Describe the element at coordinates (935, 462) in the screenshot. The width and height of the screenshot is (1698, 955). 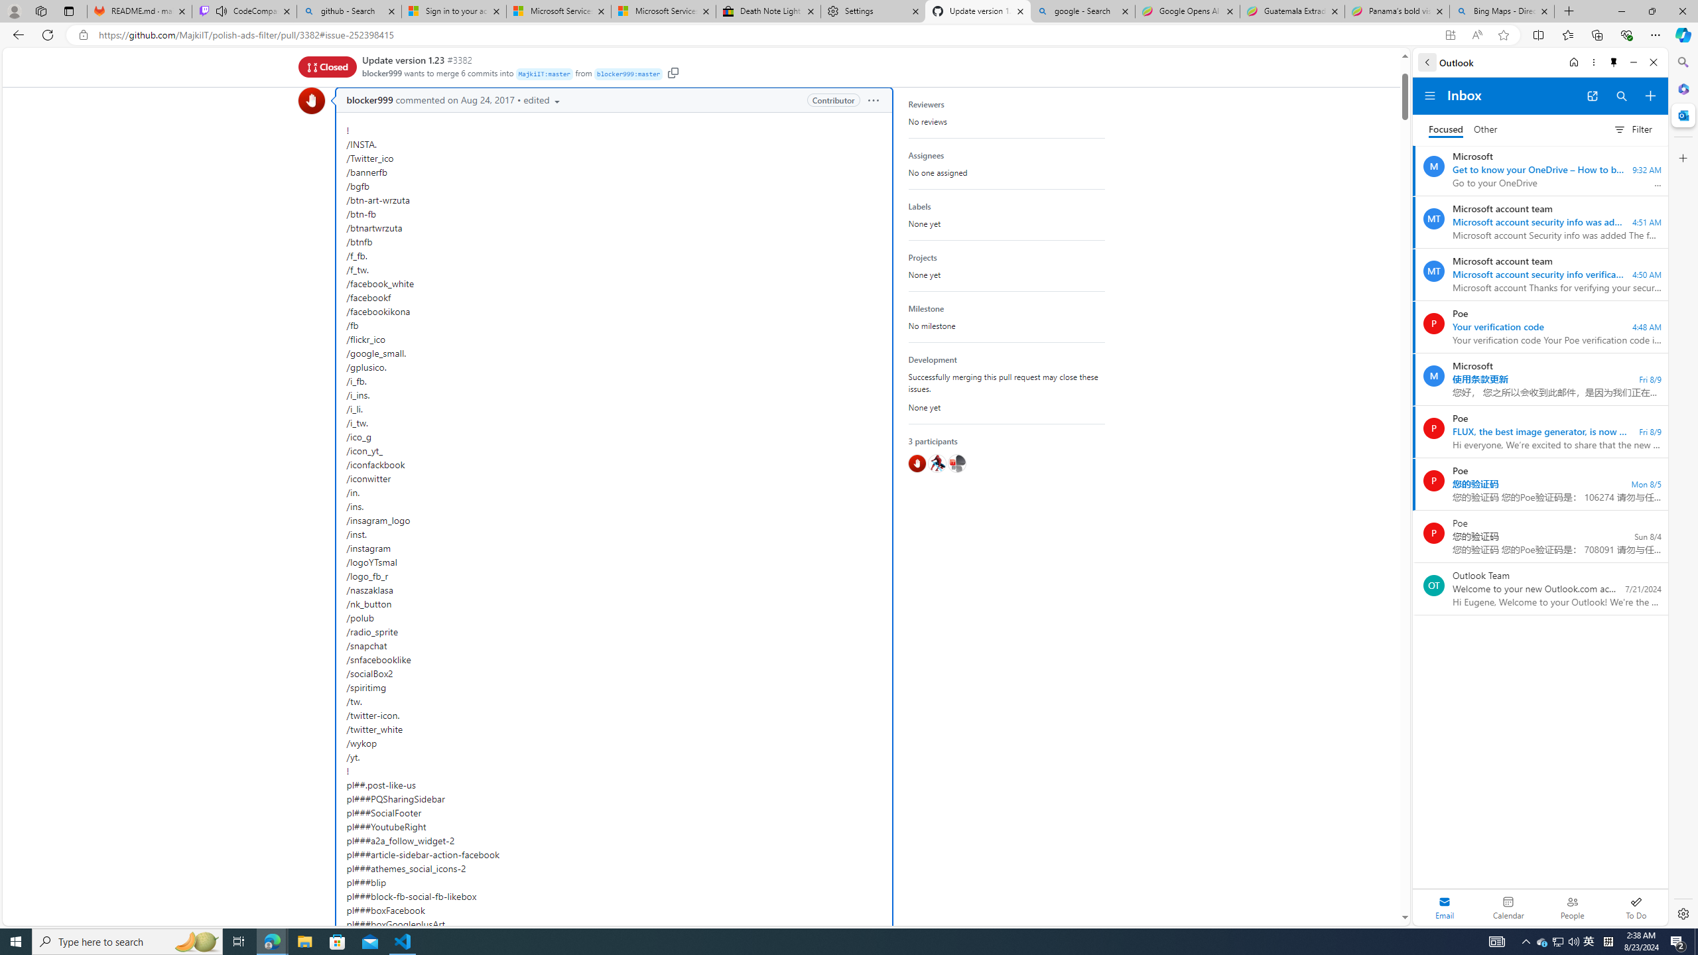
I see `'@hawkeye116477'` at that location.